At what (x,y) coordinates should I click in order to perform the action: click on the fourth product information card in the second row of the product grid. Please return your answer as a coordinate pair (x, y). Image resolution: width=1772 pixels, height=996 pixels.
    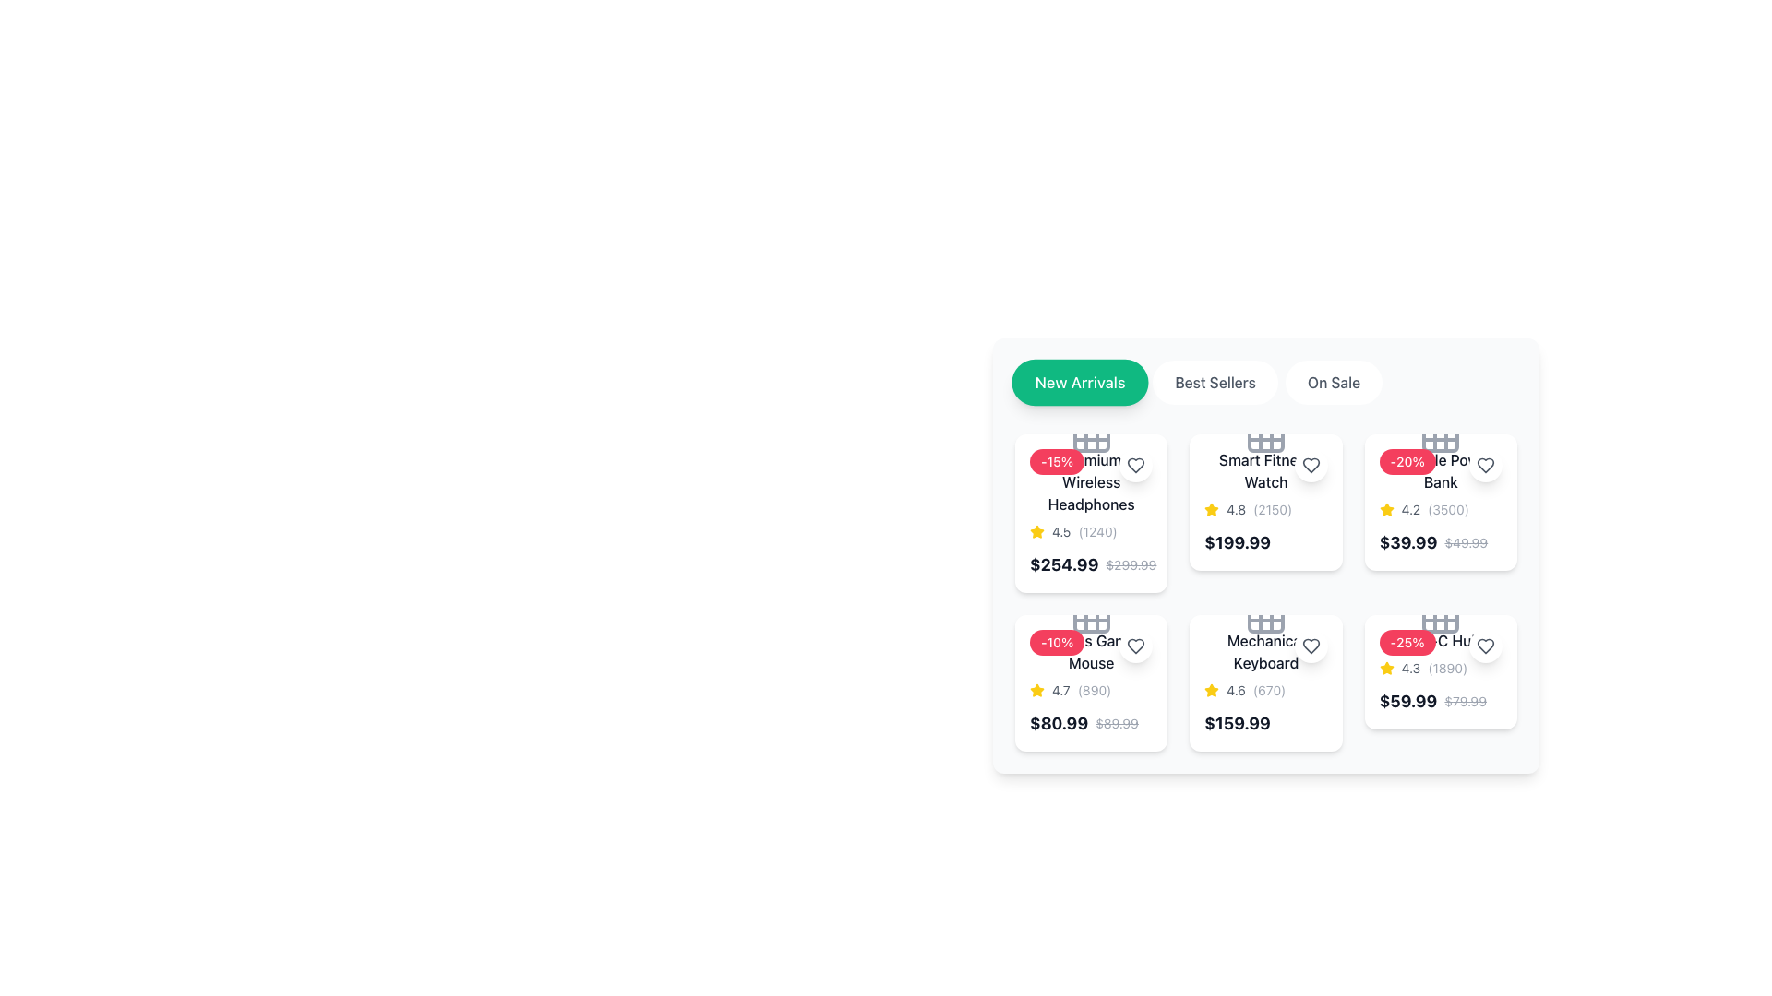
    Looking at the image, I should click on (1440, 672).